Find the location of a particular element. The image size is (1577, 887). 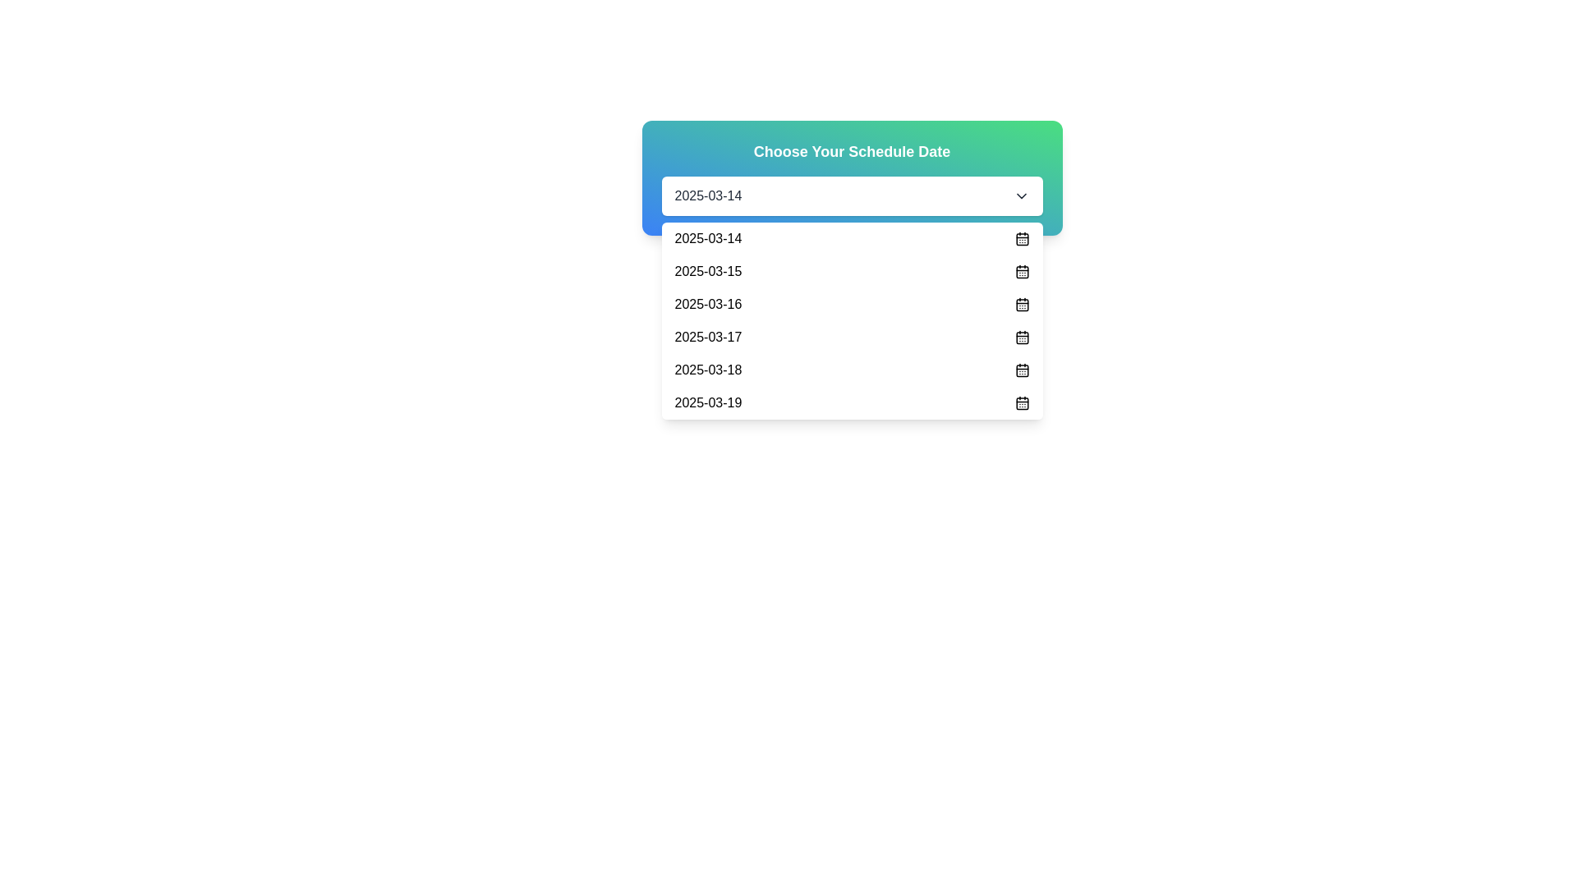

the dropdown menu labeled 'Choose Your Schedule Date' which features a gradient background and a white dropdown box showing '2025-03-14' is located at coordinates (852, 177).